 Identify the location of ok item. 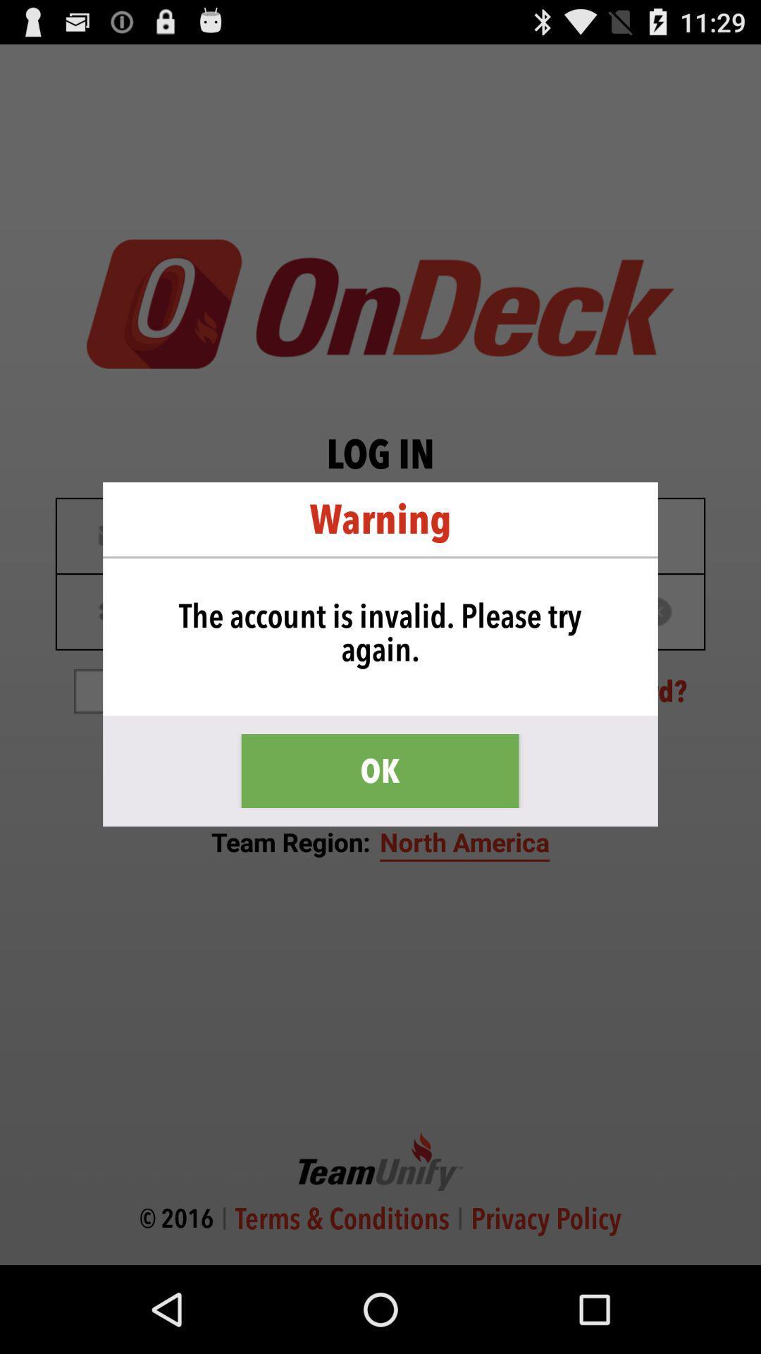
(379, 770).